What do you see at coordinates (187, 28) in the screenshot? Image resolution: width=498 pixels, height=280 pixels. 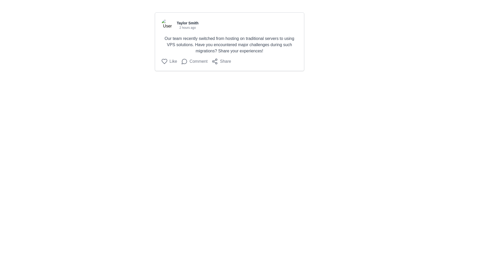 I see `the static text displaying the timestamp below 'Taylor Smith' in the card interface` at bounding box center [187, 28].